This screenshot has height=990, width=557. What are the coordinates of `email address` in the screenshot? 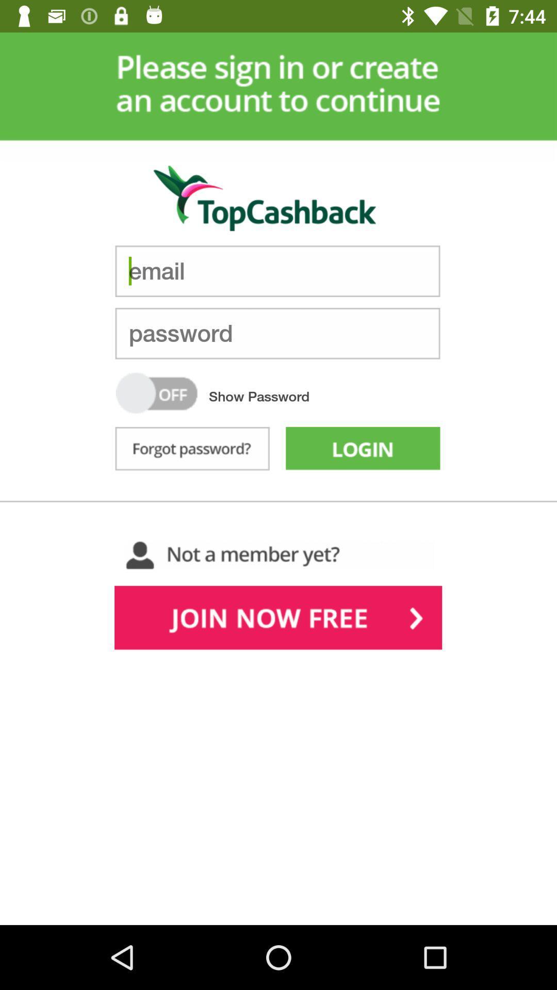 It's located at (277, 271).